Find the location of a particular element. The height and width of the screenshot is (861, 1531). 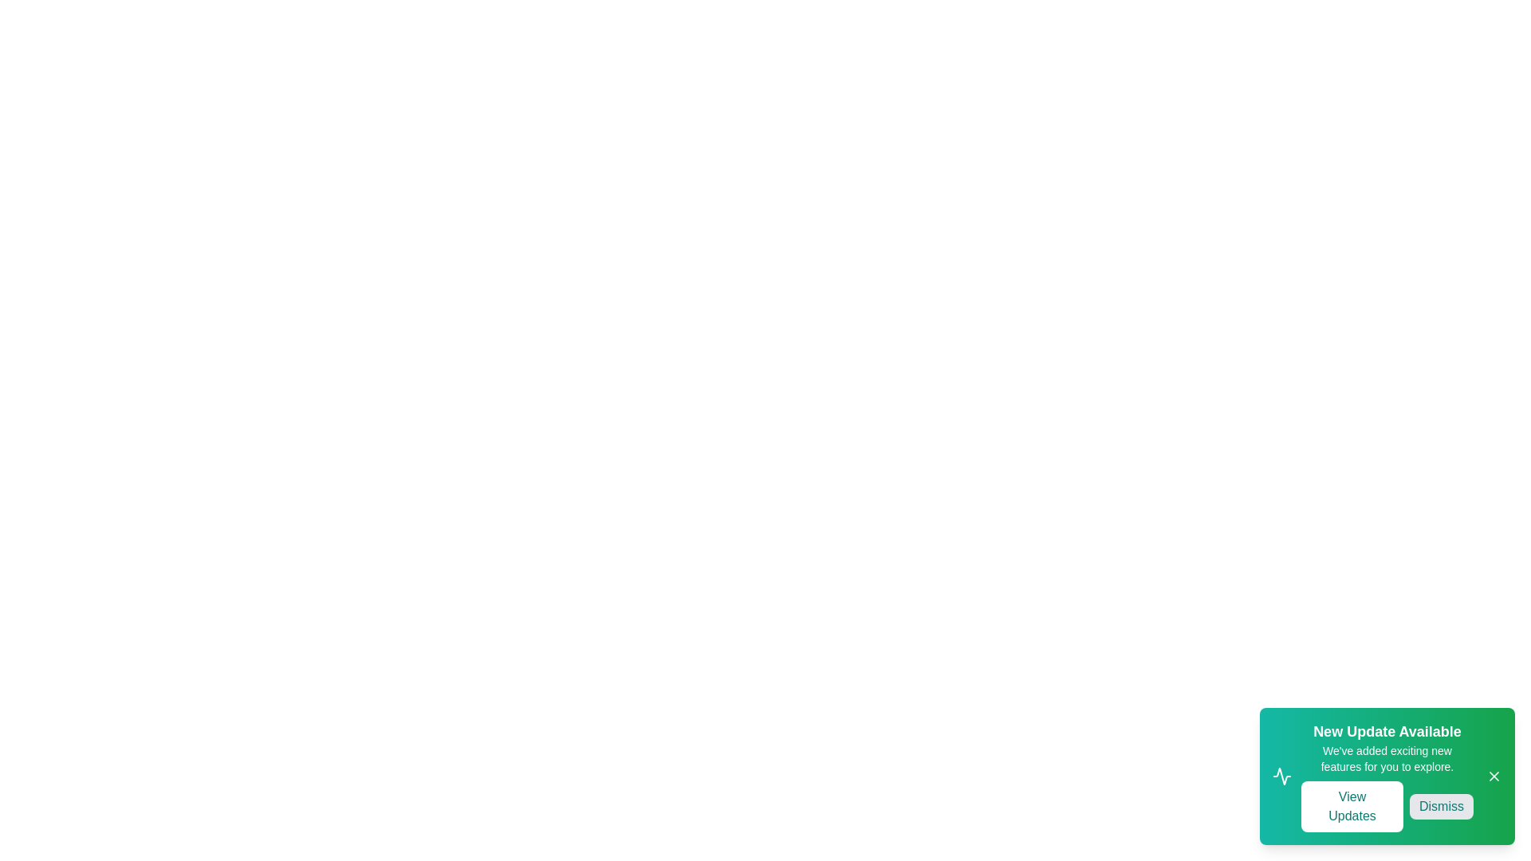

the 'View Updates' button to explore features is located at coordinates (1351, 806).